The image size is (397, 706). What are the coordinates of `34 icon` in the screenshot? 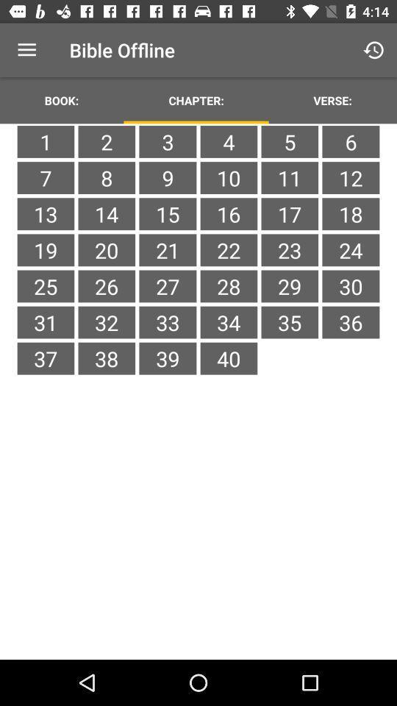 It's located at (229, 322).